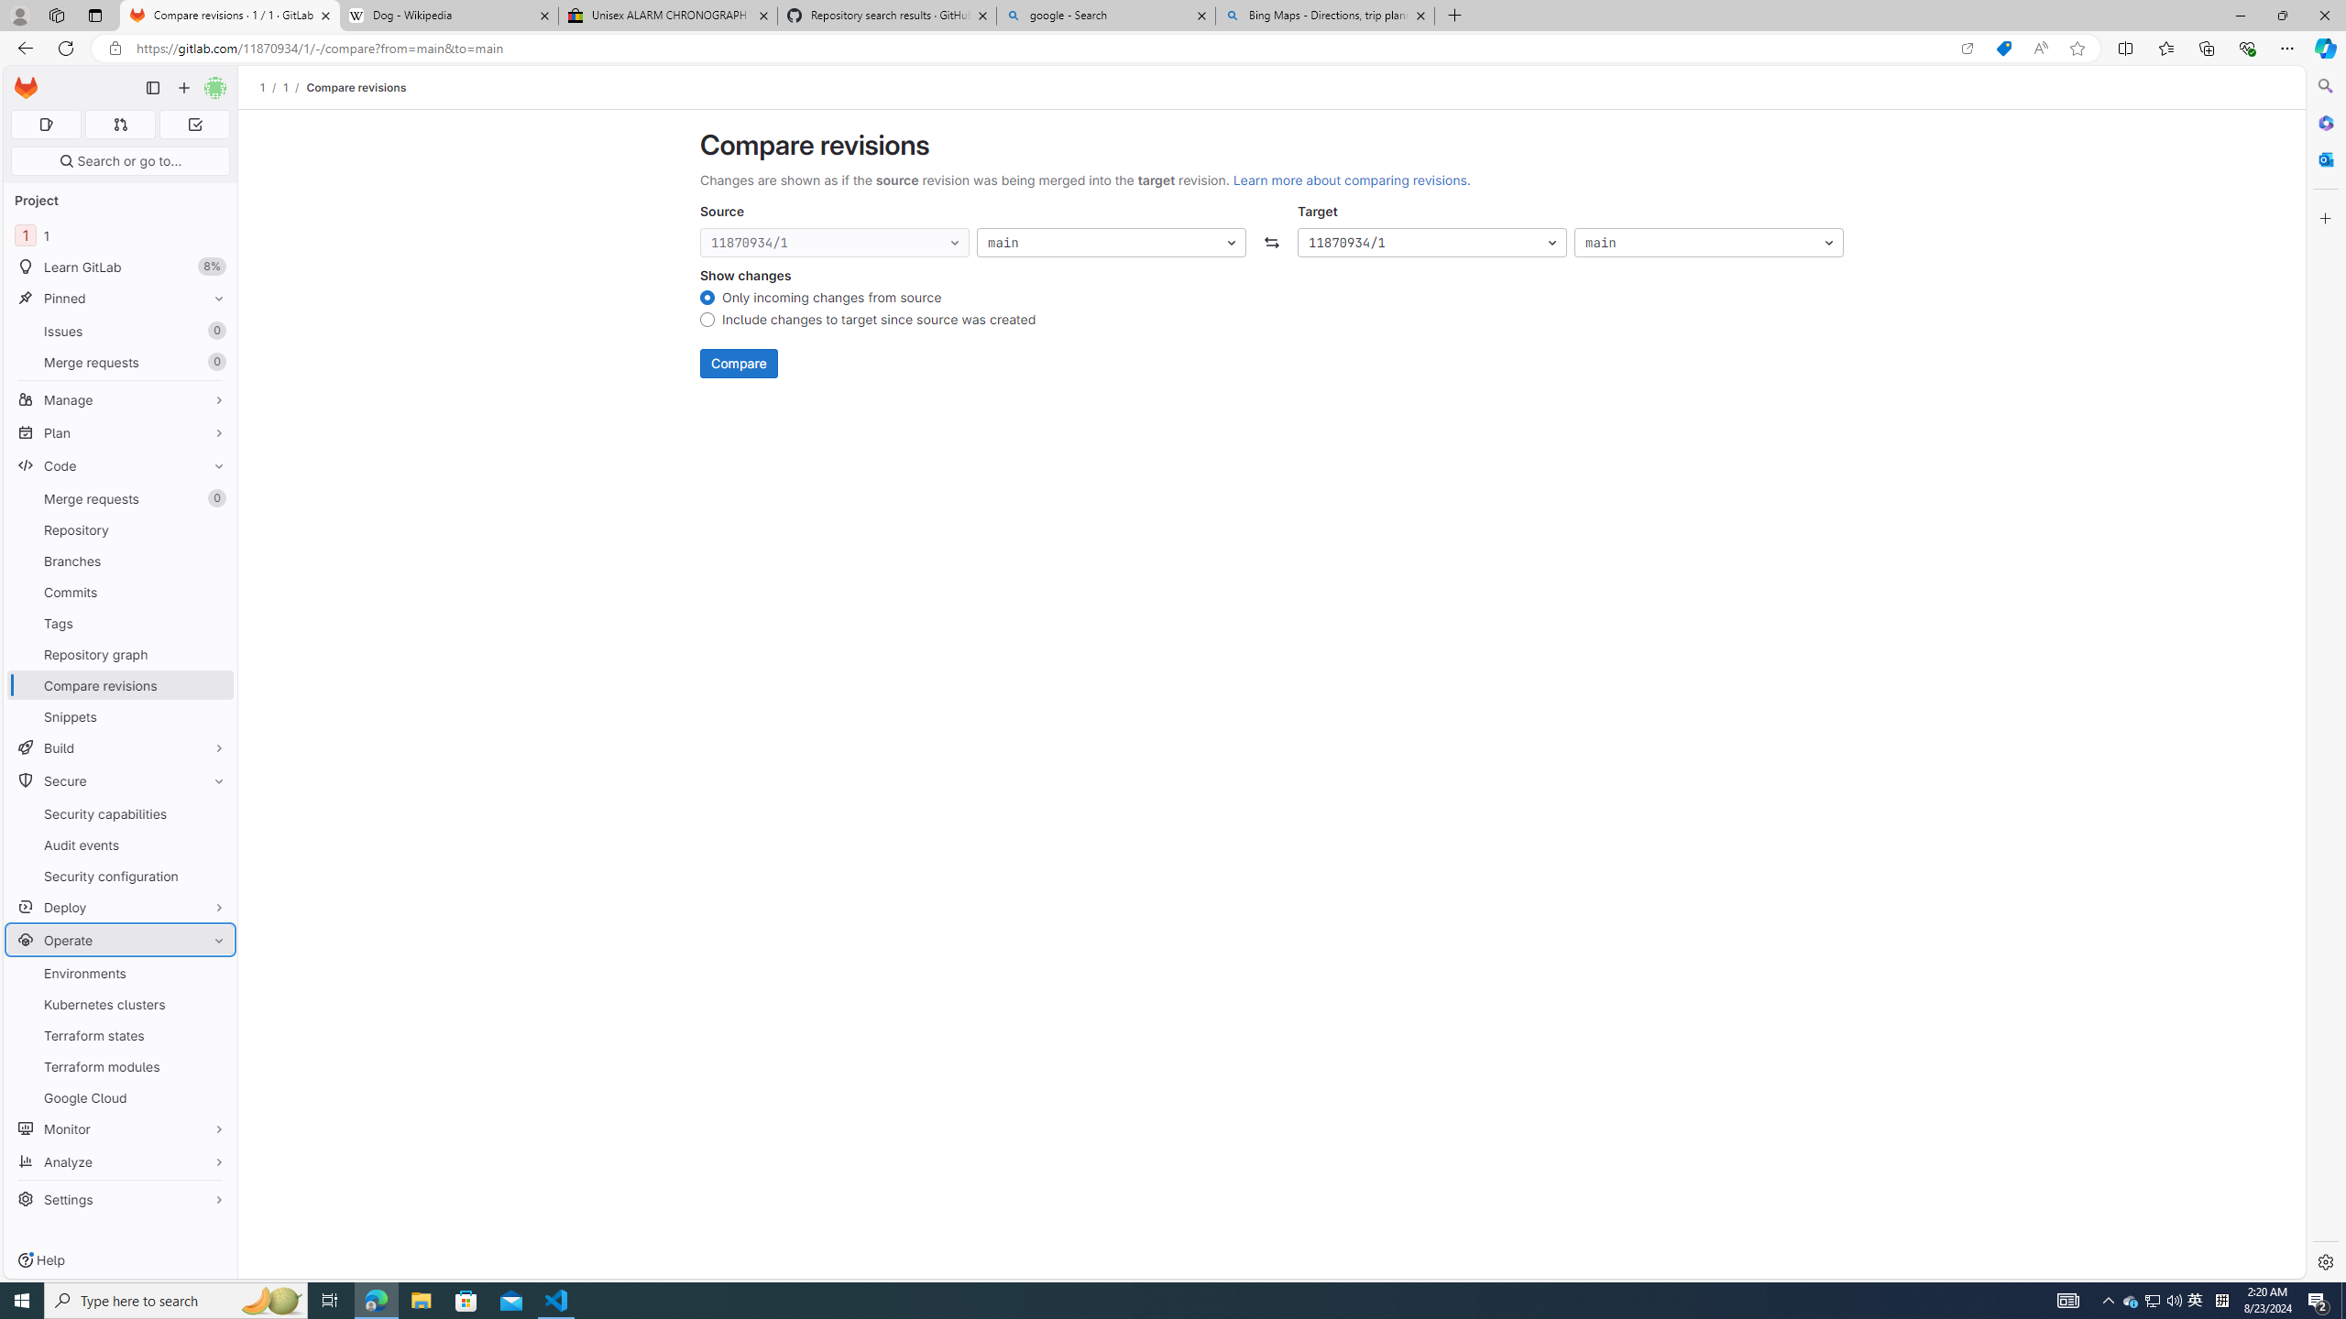 This screenshot has width=2346, height=1319. Describe the element at coordinates (119, 875) in the screenshot. I see `'Security configuration'` at that location.